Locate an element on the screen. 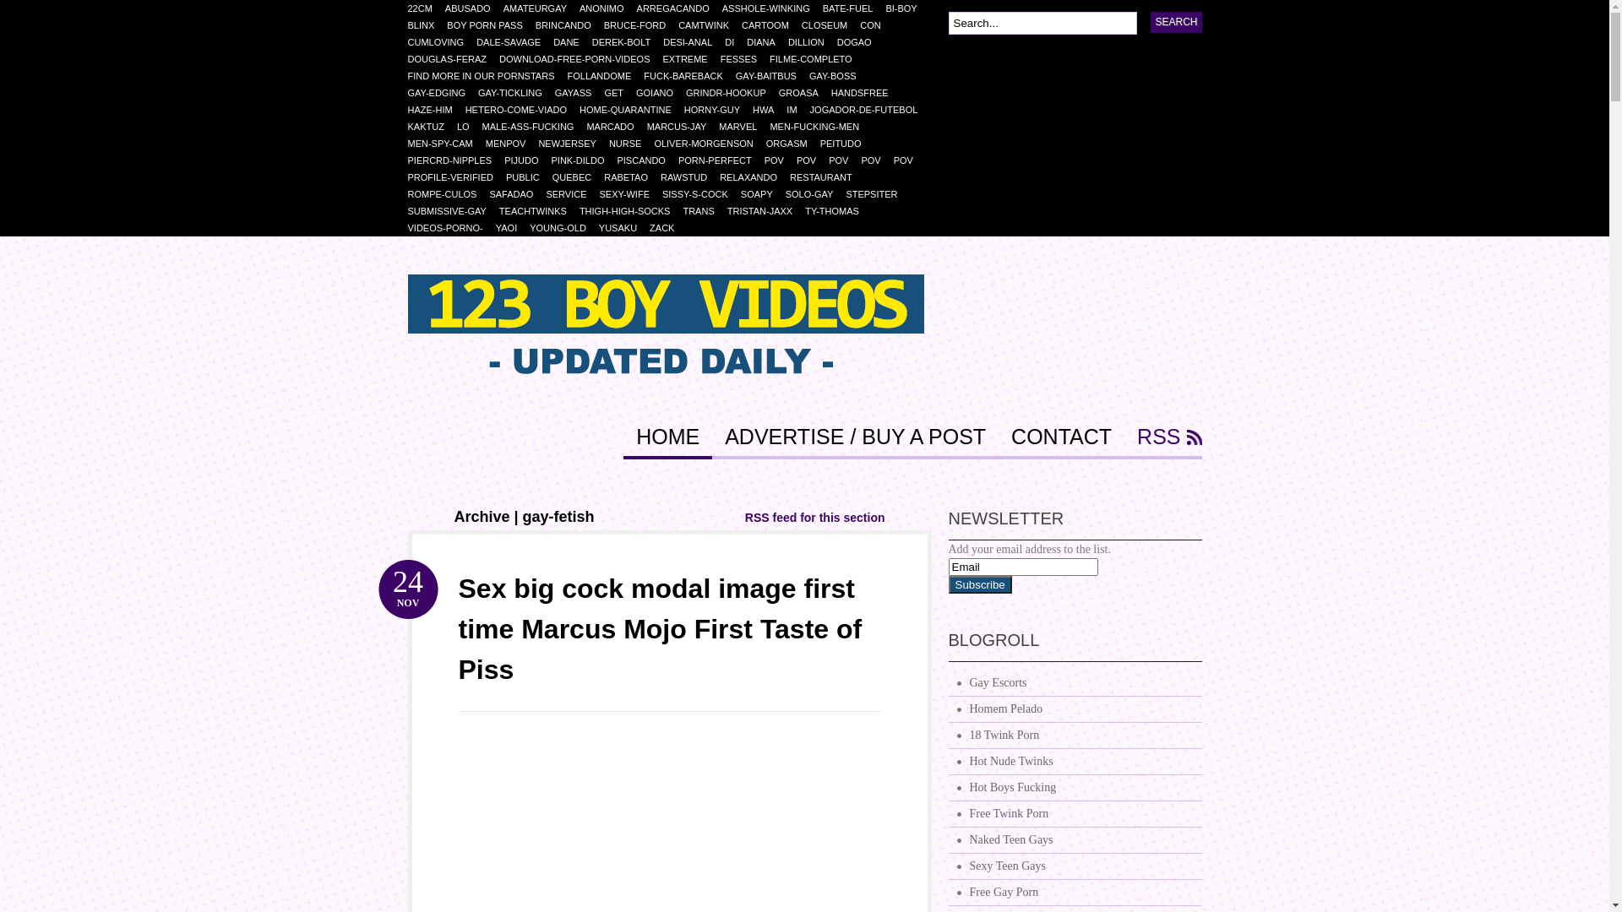  'DIANA' is located at coordinates (745, 41).